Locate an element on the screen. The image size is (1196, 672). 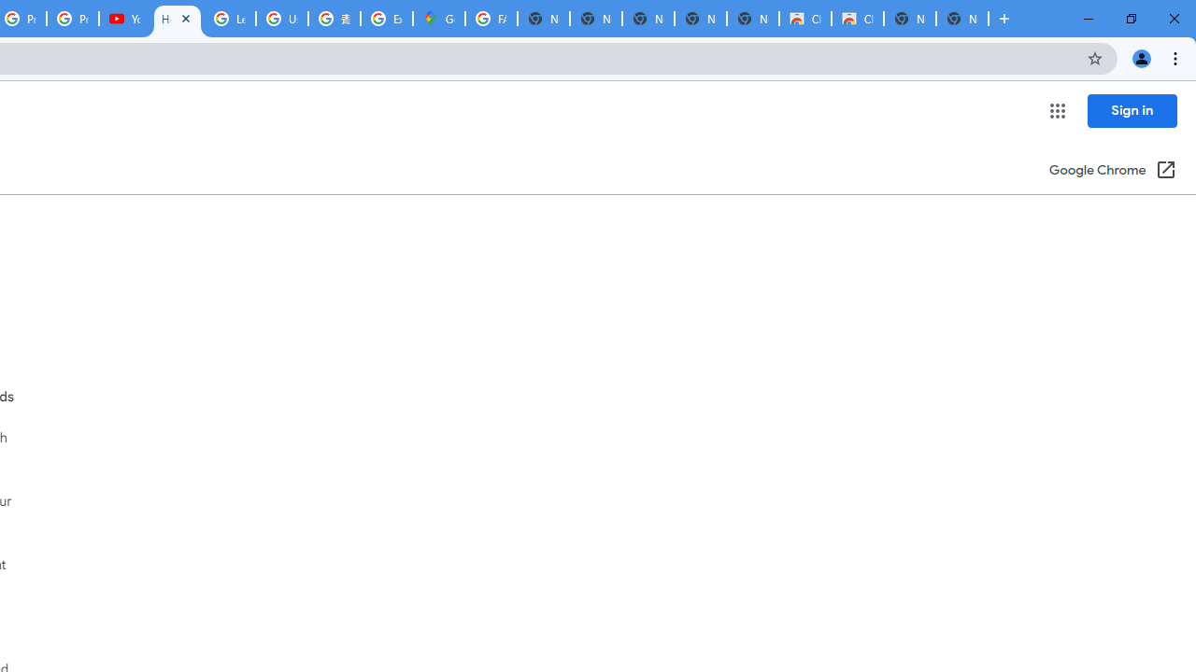
'Privacy Checkup' is located at coordinates (73, 19).